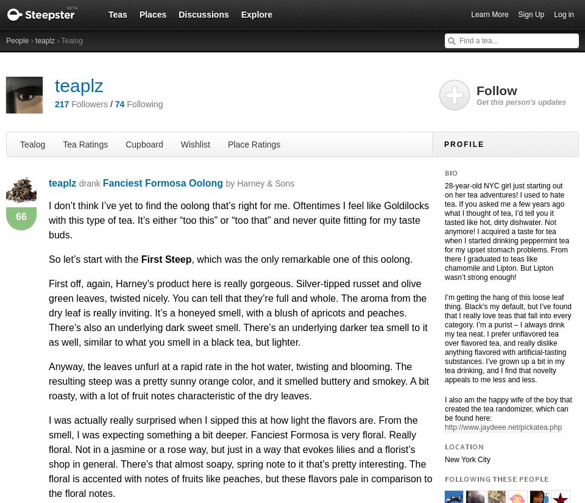 The image size is (585, 503). What do you see at coordinates (564, 14) in the screenshot?
I see `'Log in'` at bounding box center [564, 14].